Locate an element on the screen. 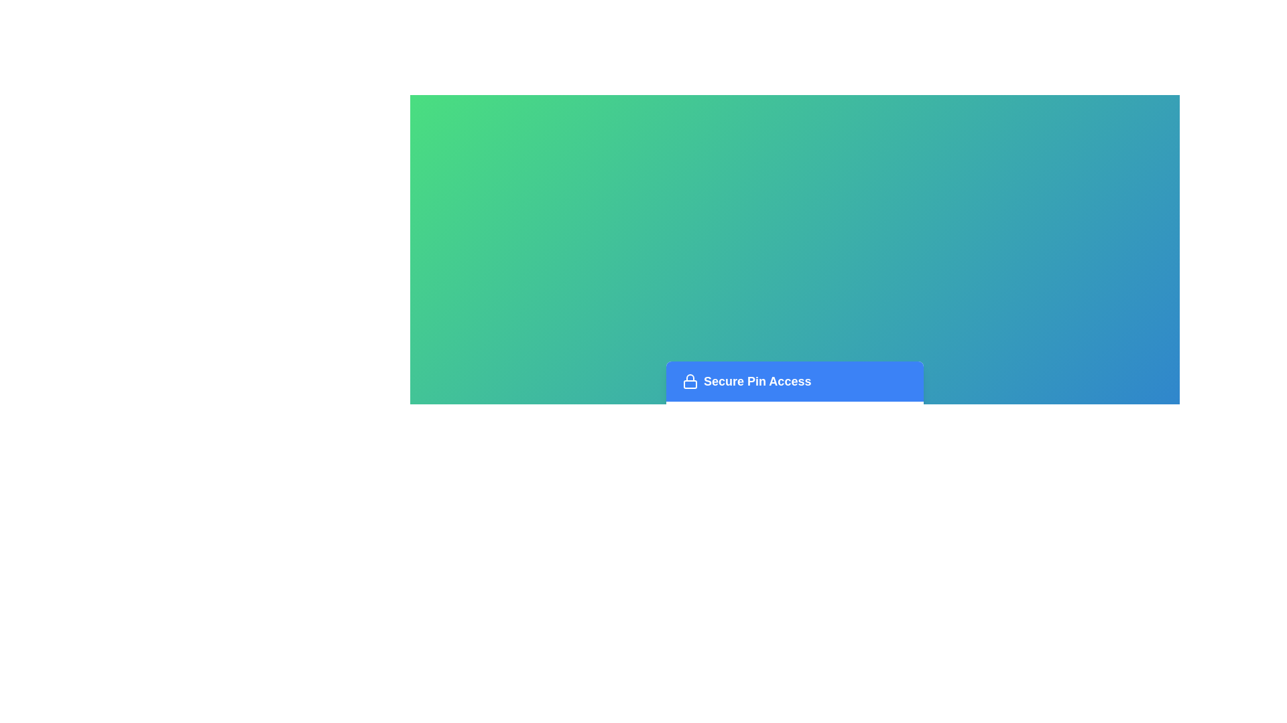 The image size is (1287, 723). the Banner label with the blue background and white text that reads 'Secure Pin Access', featuring a lock icon to the left of the text is located at coordinates (794, 382).